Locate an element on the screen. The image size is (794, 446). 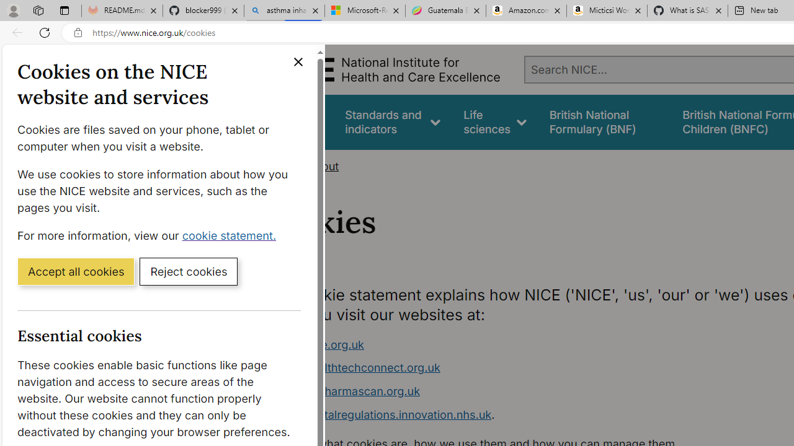
'Accept all cookies' is located at coordinates (75, 270).